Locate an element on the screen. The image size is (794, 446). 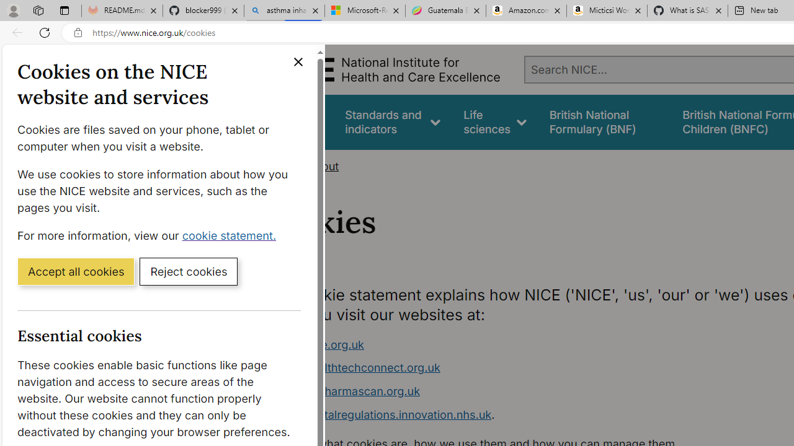
'Accept all cookies' is located at coordinates (75, 270).